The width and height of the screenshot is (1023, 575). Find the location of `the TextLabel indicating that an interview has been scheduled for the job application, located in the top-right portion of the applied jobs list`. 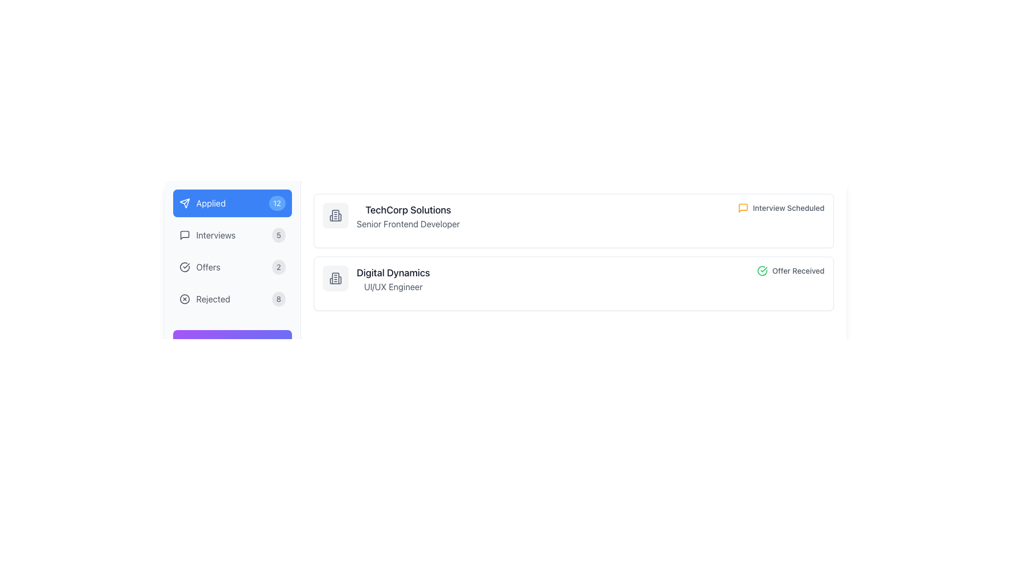

the TextLabel indicating that an interview has been scheduled for the job application, located in the top-right portion of the applied jobs list is located at coordinates (789, 208).